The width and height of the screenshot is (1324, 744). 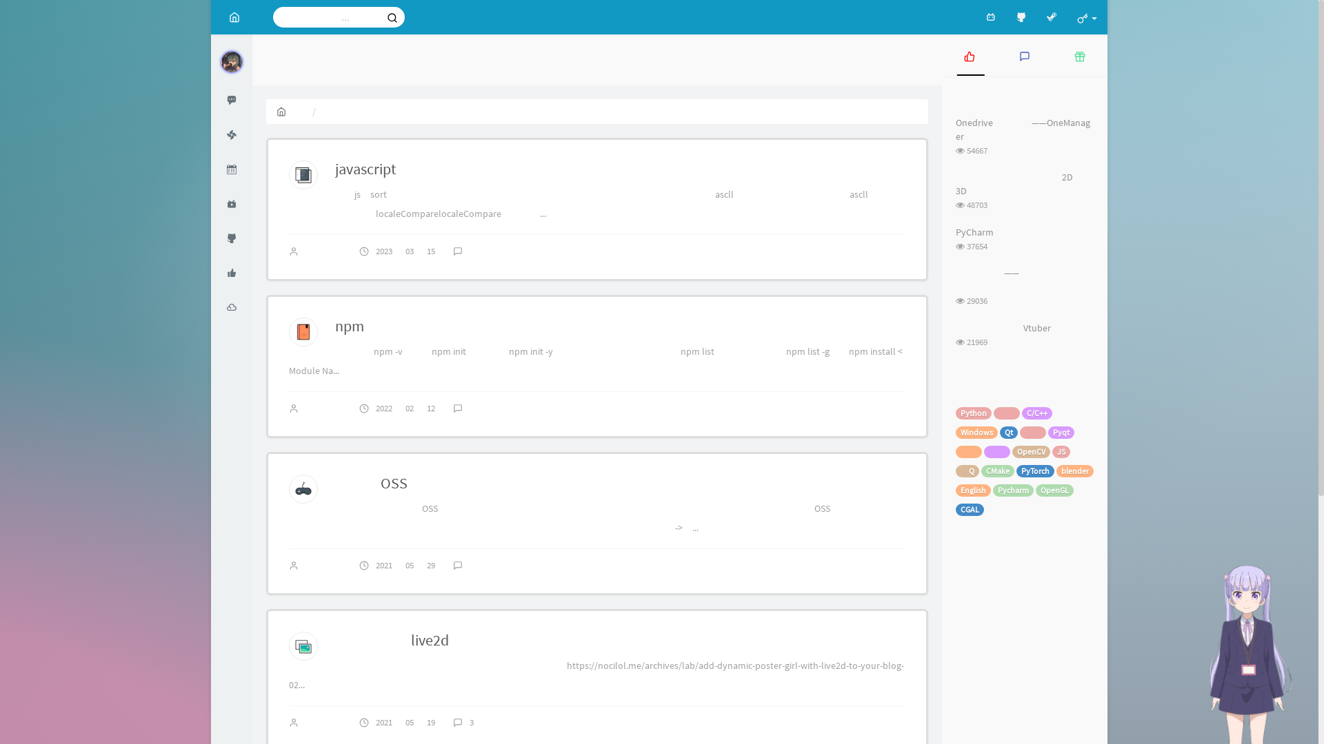 I want to click on 'OpenGL', so click(x=1054, y=490).